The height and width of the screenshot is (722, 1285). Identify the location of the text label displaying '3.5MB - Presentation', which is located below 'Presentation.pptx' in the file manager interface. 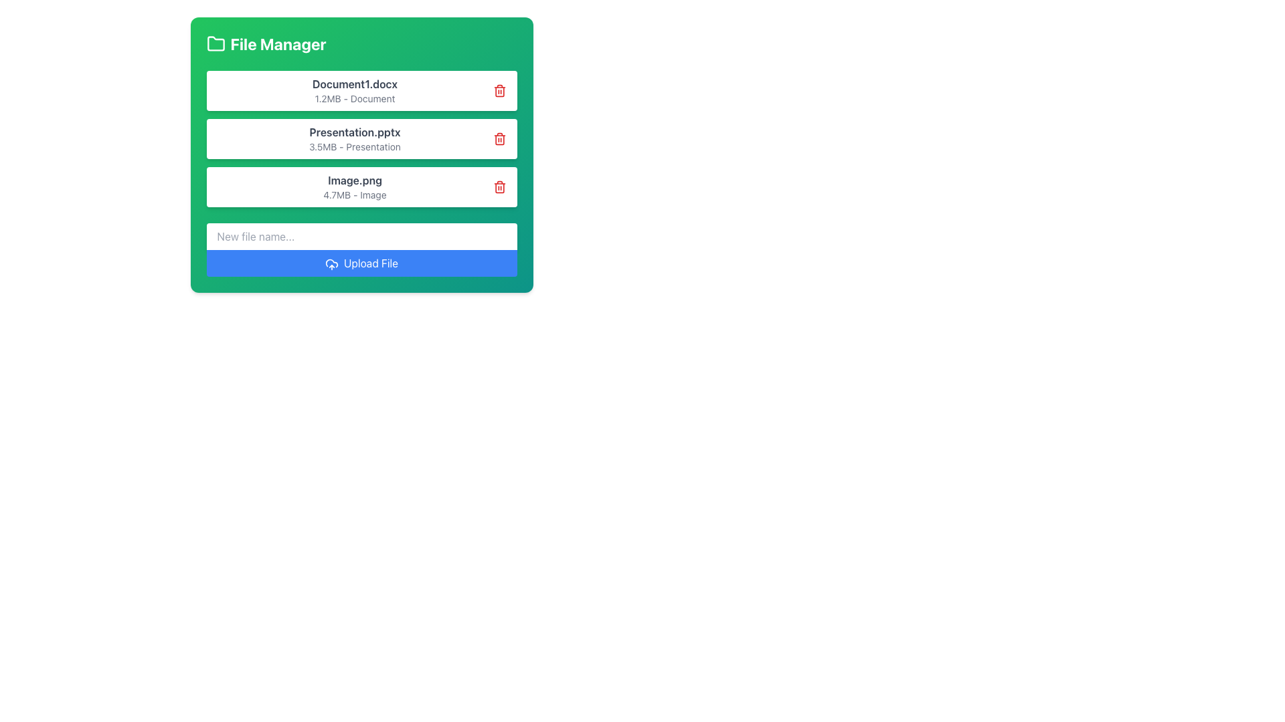
(355, 146).